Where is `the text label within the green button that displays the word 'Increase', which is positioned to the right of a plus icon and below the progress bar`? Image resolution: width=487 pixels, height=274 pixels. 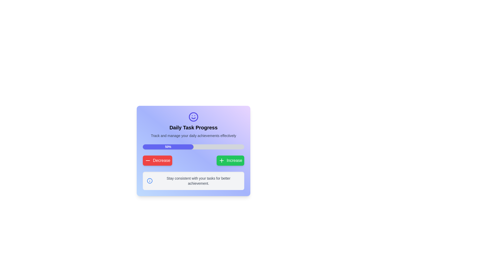
the text label within the green button that displays the word 'Increase', which is positioned to the right of a plus icon and below the progress bar is located at coordinates (234, 160).